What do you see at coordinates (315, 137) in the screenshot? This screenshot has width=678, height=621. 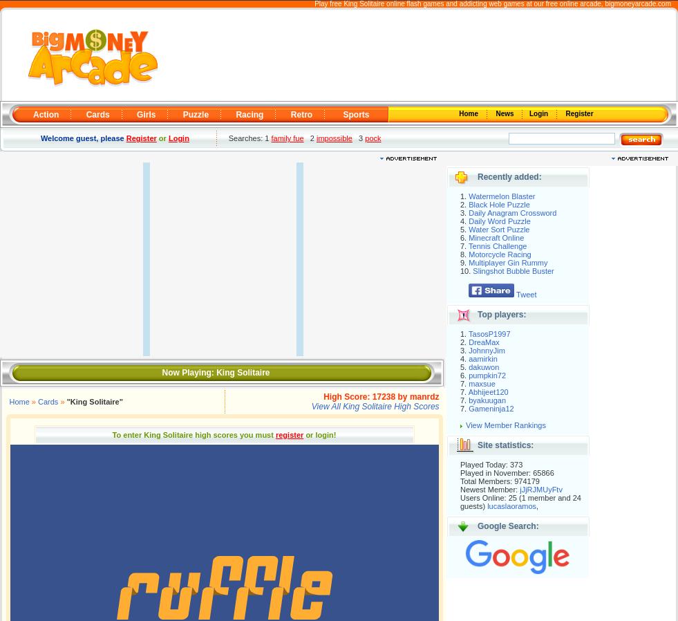 I see `'impossible'` at bounding box center [315, 137].